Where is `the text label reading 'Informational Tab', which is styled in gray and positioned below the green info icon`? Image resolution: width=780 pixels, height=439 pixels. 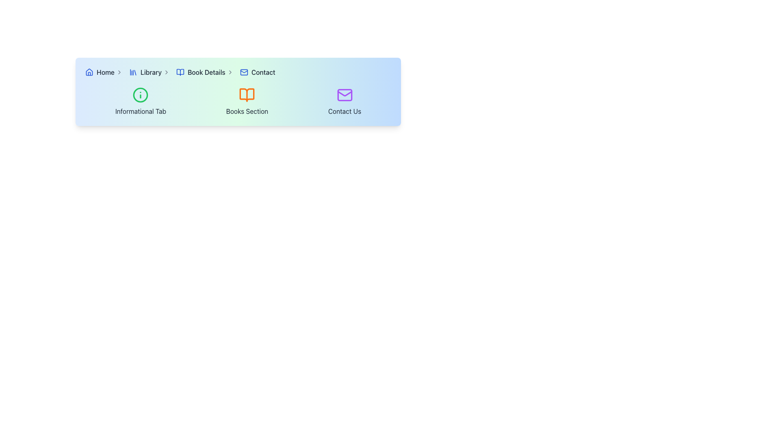 the text label reading 'Informational Tab', which is styled in gray and positioned below the green info icon is located at coordinates (141, 111).